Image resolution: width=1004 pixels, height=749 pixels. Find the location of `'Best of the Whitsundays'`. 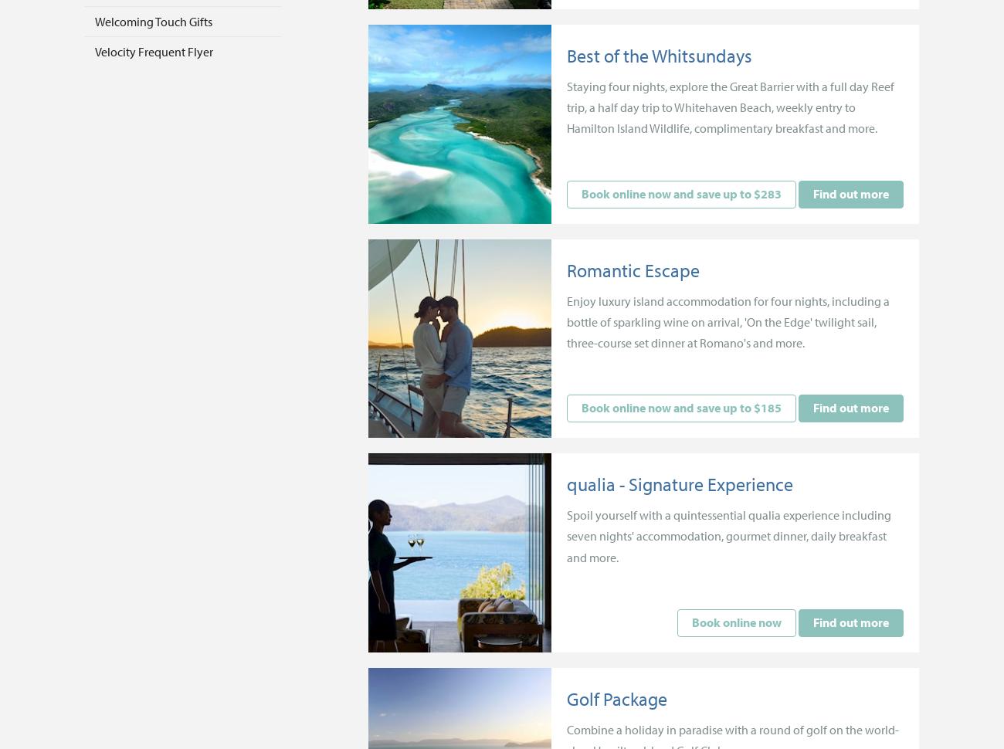

'Best of the Whitsundays' is located at coordinates (659, 54).